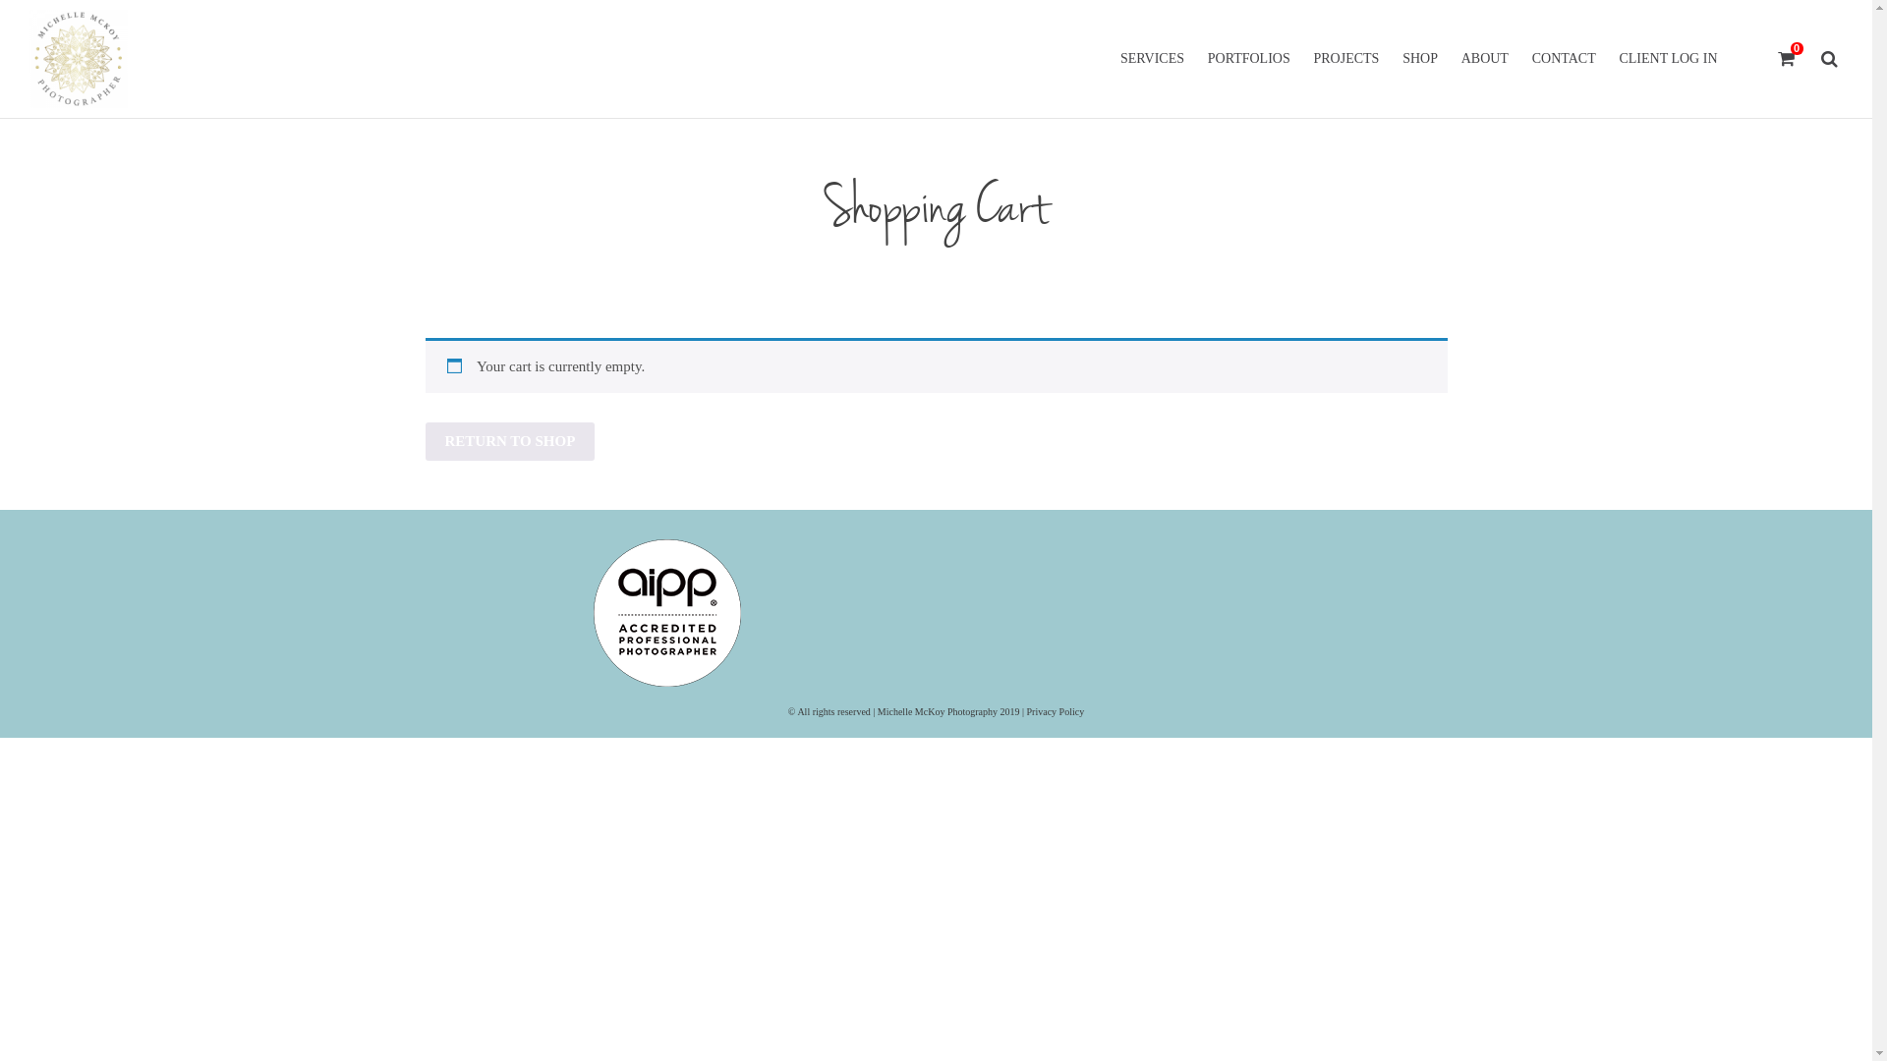 Image resolution: width=1887 pixels, height=1061 pixels. What do you see at coordinates (1608, 58) in the screenshot?
I see `'CLIENT LOG IN'` at bounding box center [1608, 58].